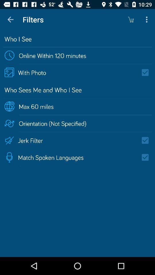 Image resolution: width=155 pixels, height=275 pixels. What do you see at coordinates (147, 157) in the screenshot?
I see `filter has been selected` at bounding box center [147, 157].